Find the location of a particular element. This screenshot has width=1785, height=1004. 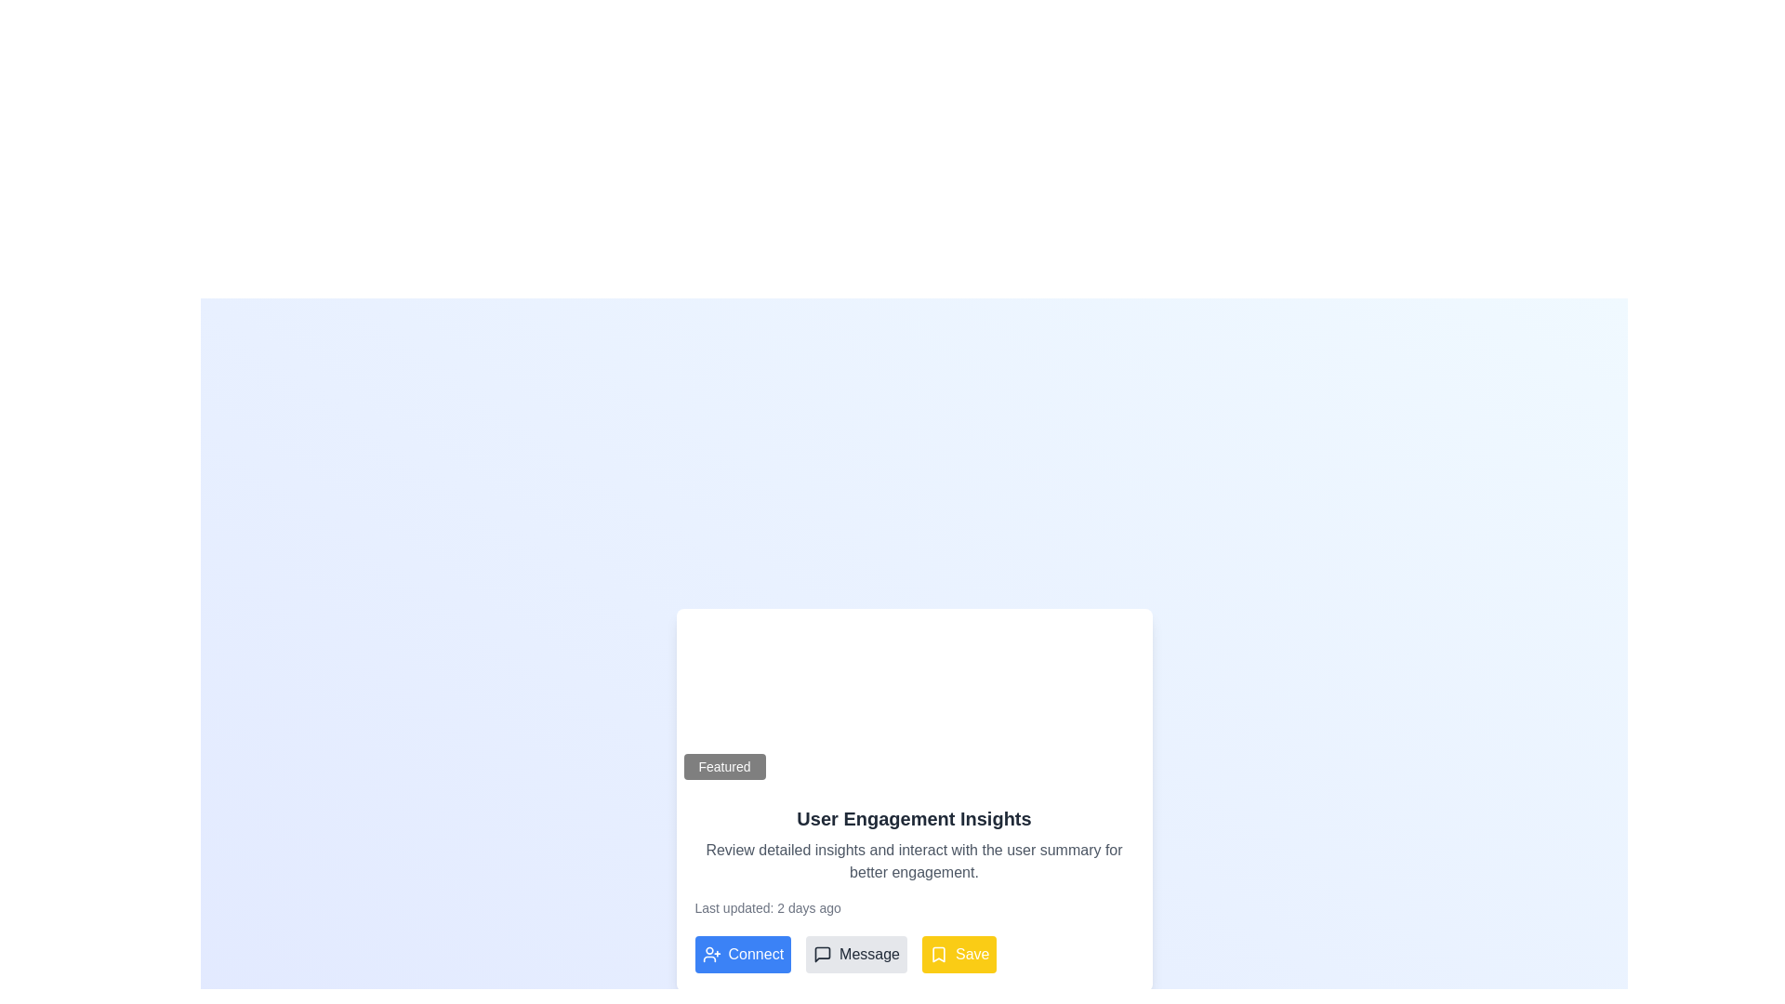

the SVG icon representing the 'Save' functionality located on the left within the 'Save' button, which is the rightmost button among the three buttons in the lower section of the card is located at coordinates (939, 954).